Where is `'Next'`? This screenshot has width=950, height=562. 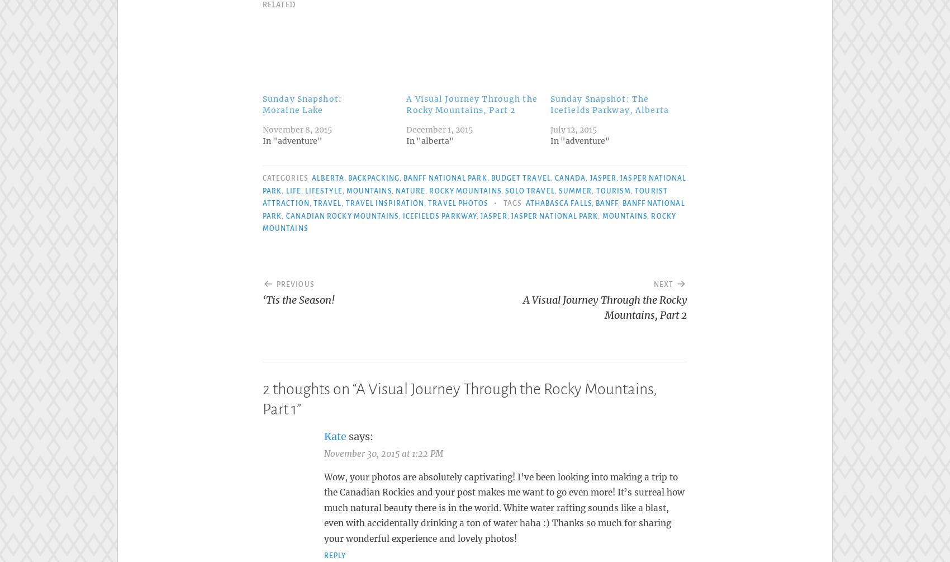
'Next' is located at coordinates (653, 281).